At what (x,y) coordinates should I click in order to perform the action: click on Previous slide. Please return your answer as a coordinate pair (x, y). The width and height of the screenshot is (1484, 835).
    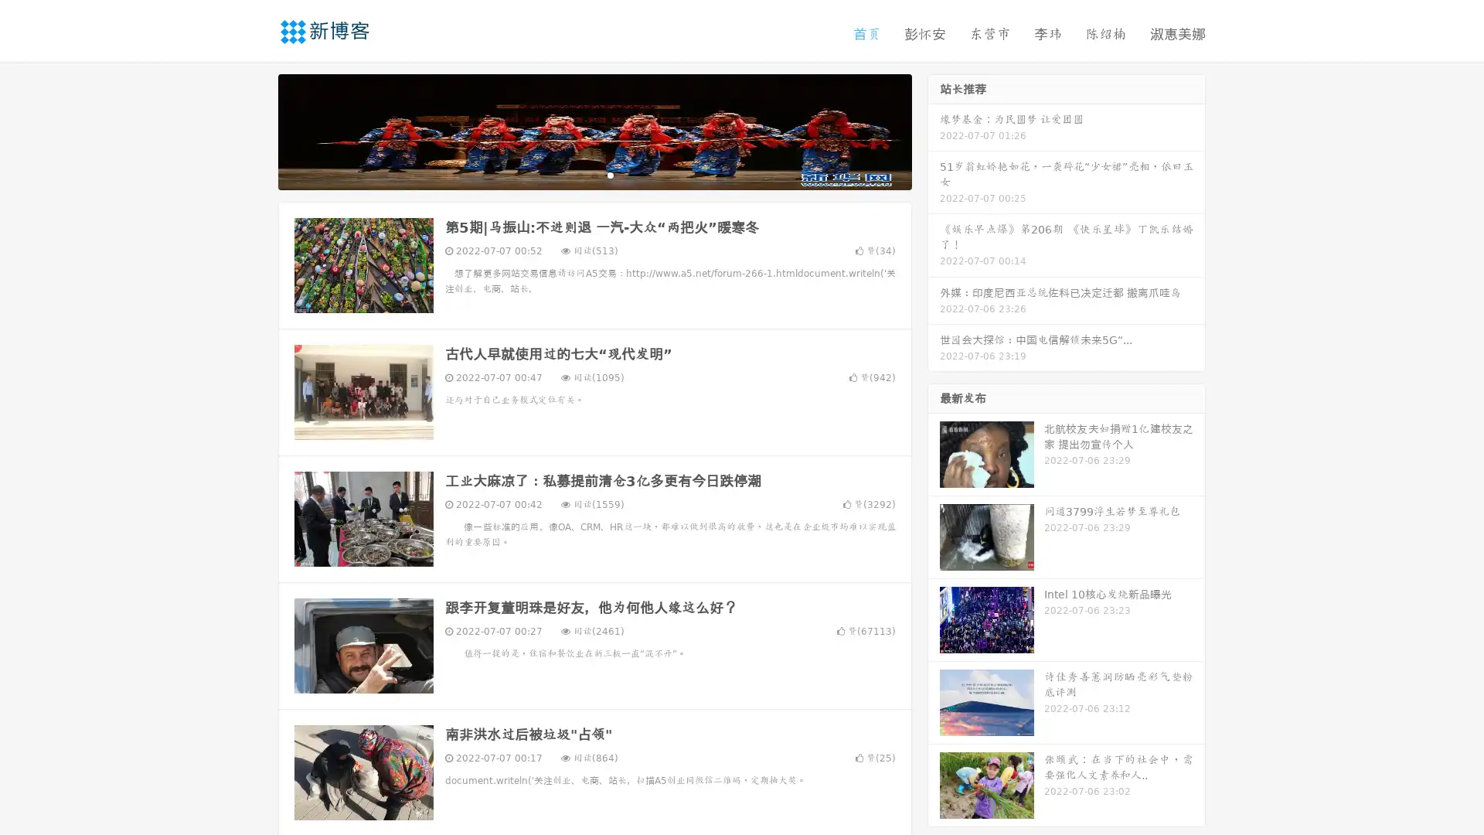
    Looking at the image, I should click on (255, 130).